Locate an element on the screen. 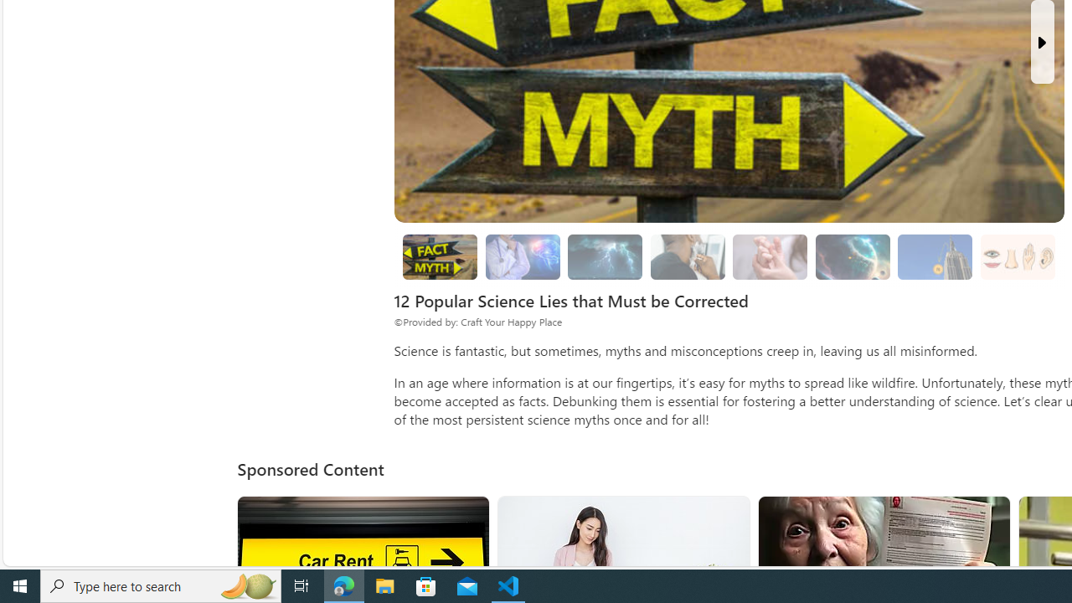 Image resolution: width=1072 pixels, height=603 pixels. 'Knuckle Cracking and Arthritis' is located at coordinates (770, 257).